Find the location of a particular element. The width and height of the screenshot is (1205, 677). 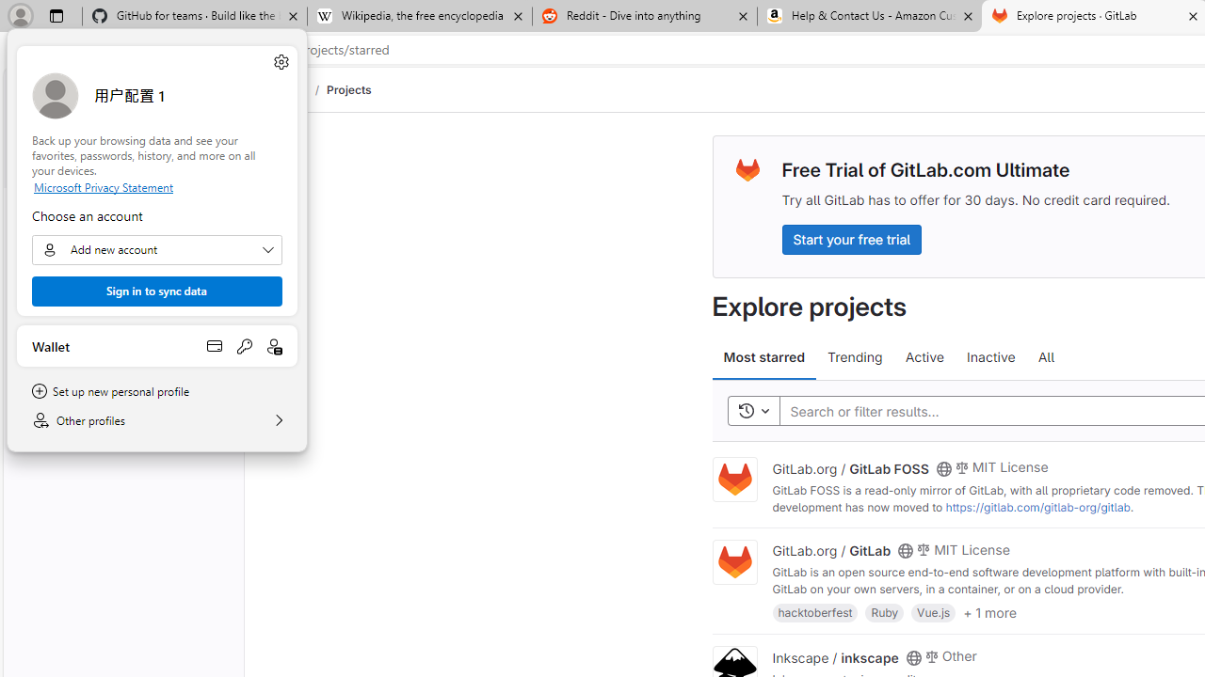

'Choose an account' is located at coordinates (157, 249).